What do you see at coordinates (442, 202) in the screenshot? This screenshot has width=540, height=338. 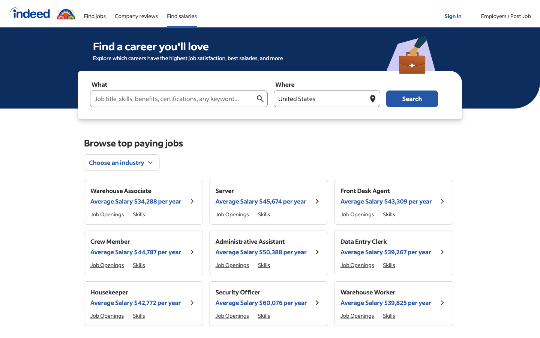 I see `the details for the job title "Front Desk Agent` at bounding box center [442, 202].